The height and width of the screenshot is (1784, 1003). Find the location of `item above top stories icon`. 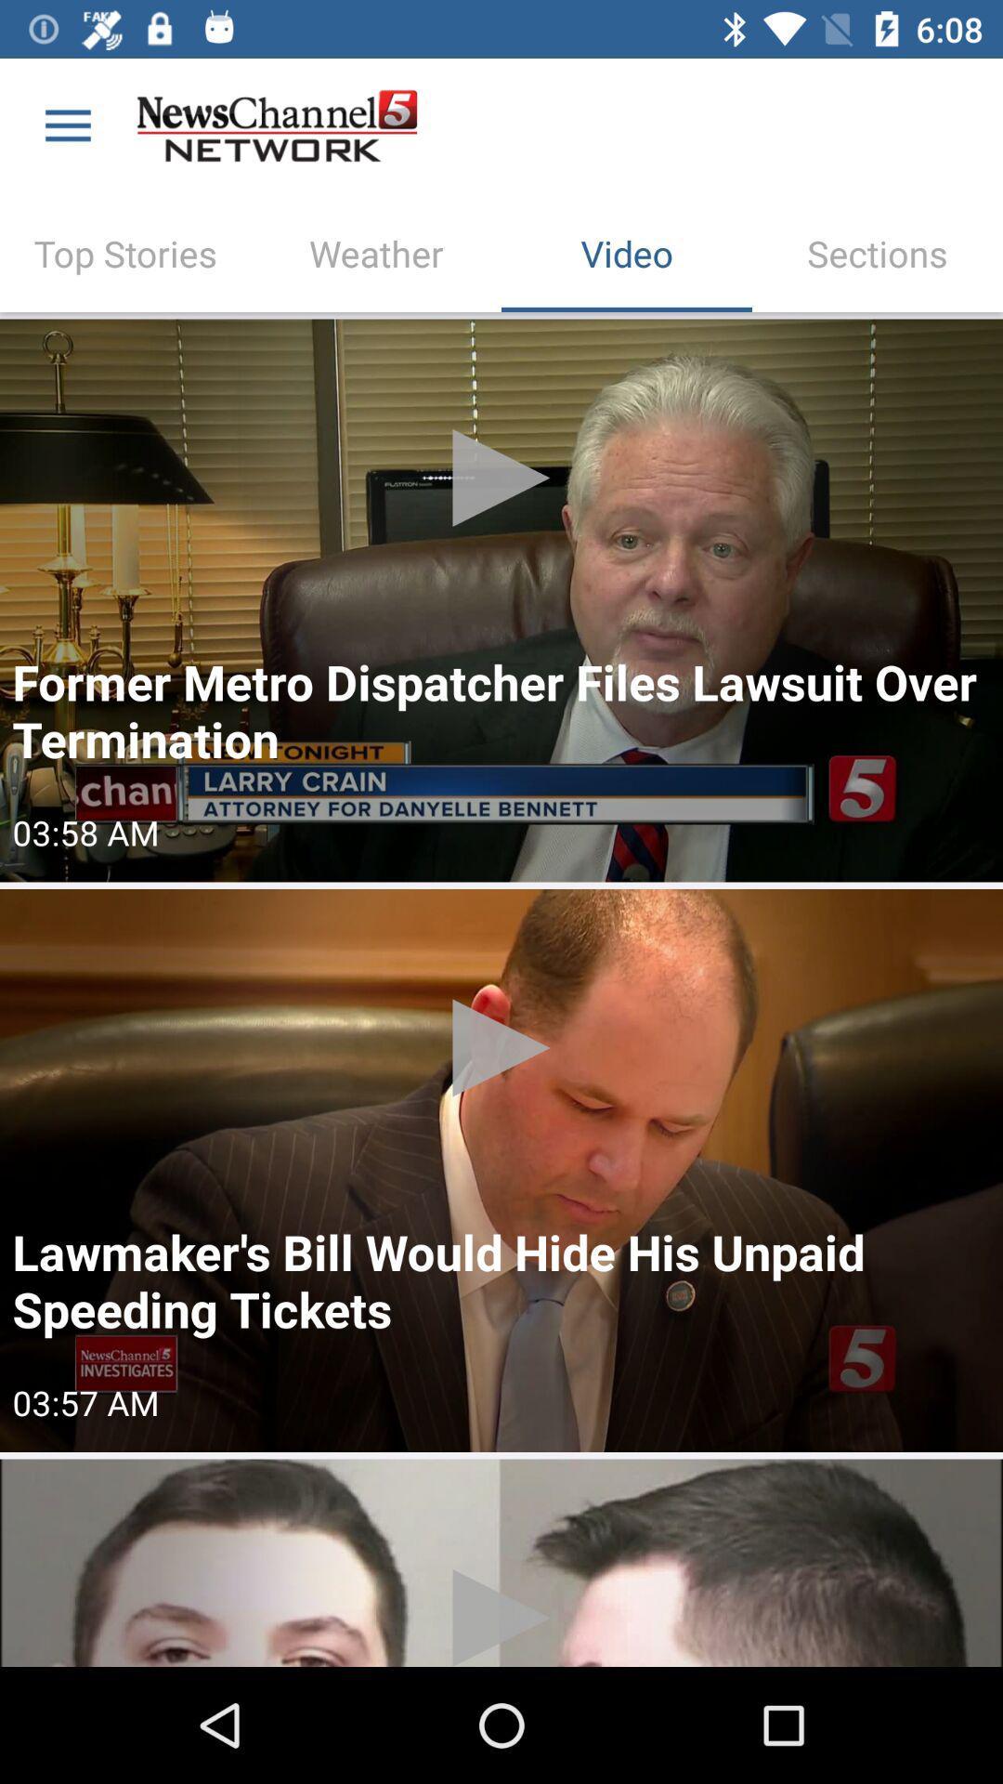

item above top stories icon is located at coordinates (67, 125).